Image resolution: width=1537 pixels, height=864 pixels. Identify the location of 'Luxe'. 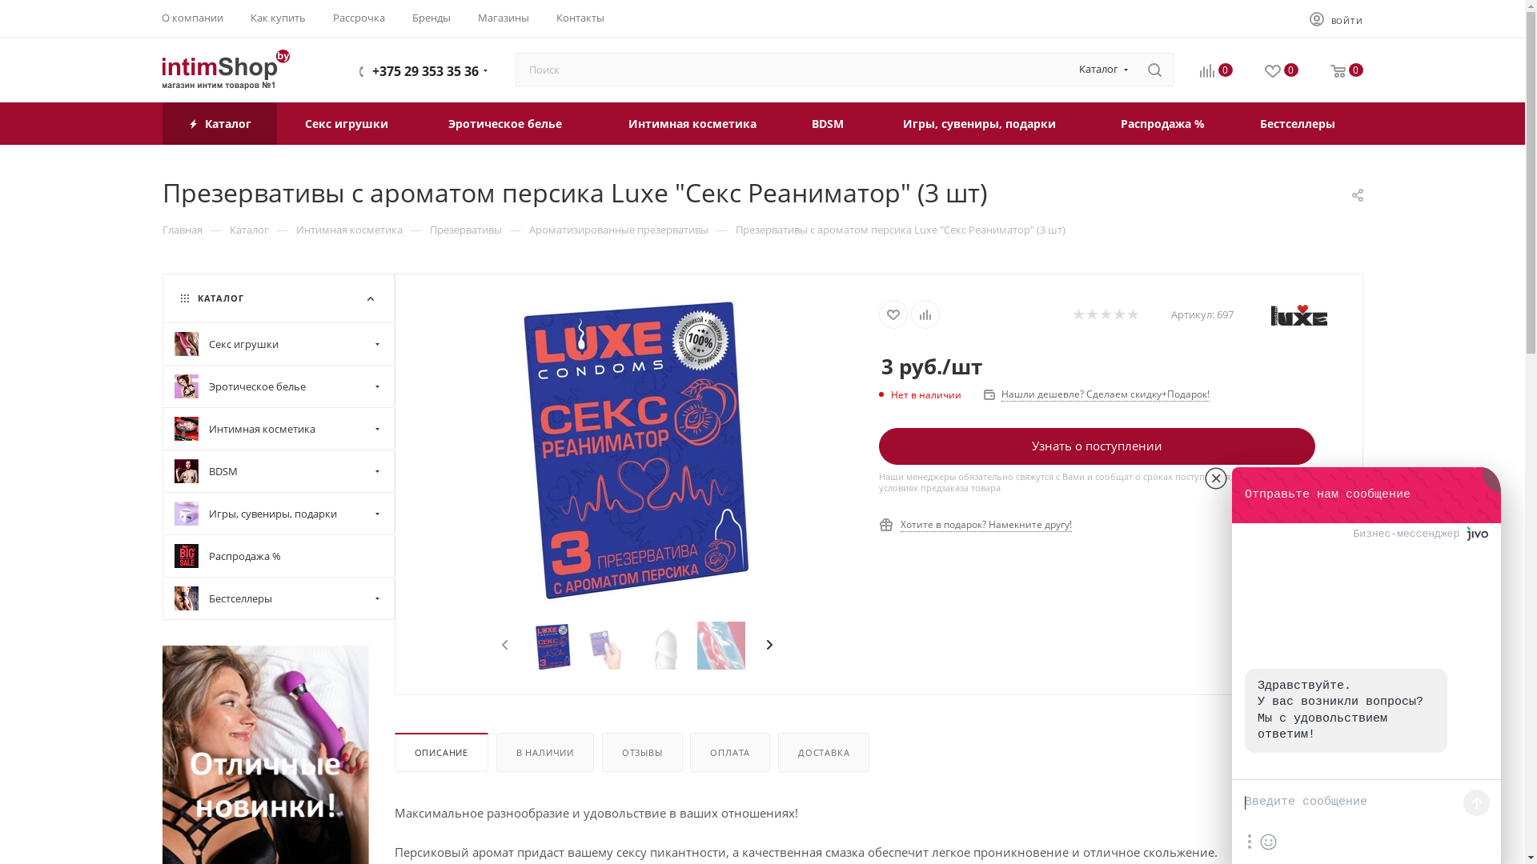
(1298, 314).